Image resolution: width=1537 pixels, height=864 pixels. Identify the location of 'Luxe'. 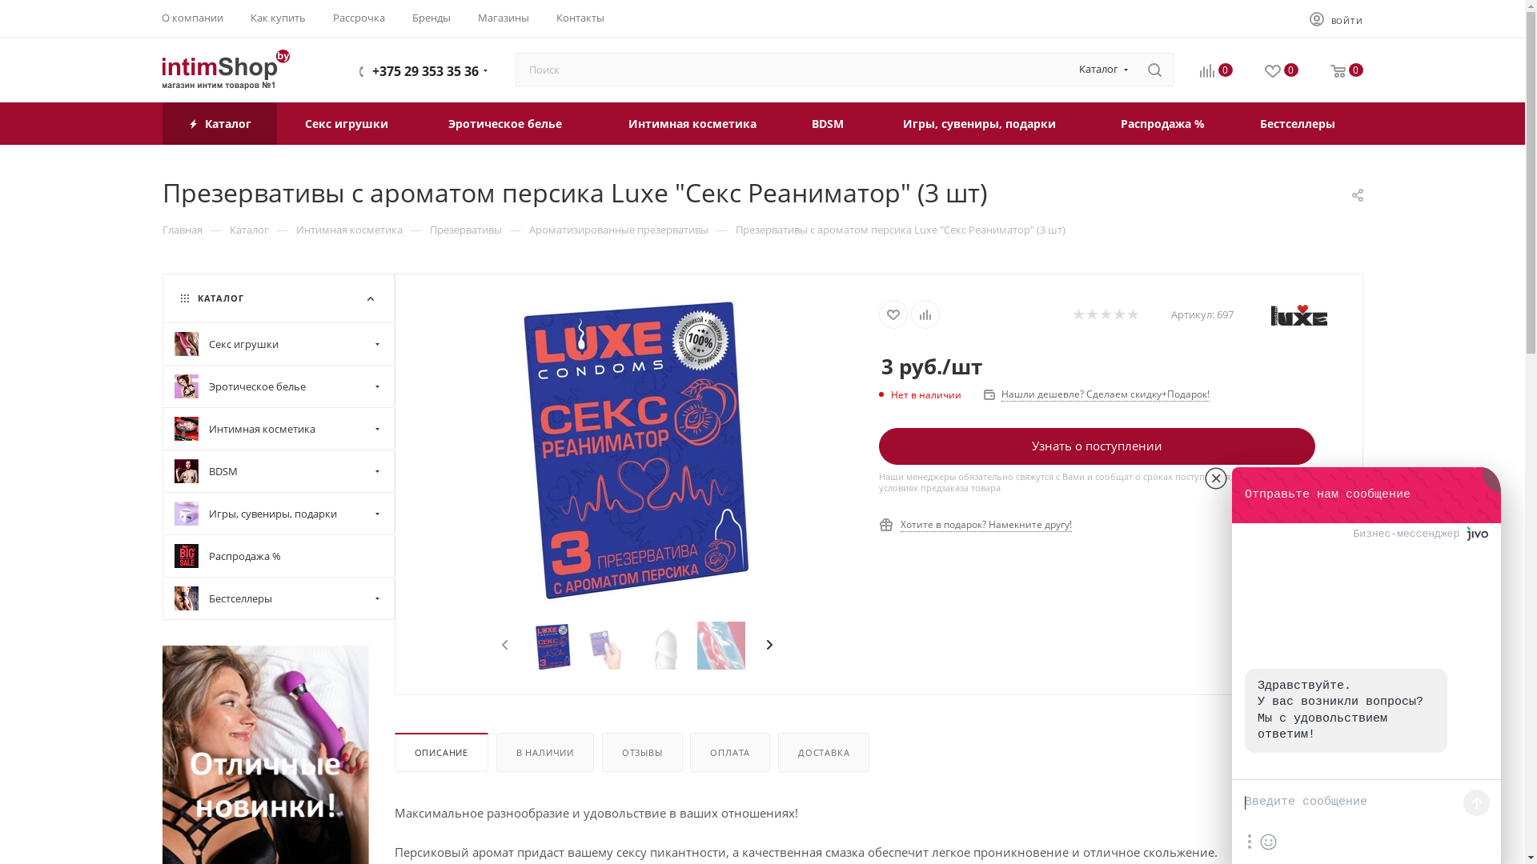
(1298, 314).